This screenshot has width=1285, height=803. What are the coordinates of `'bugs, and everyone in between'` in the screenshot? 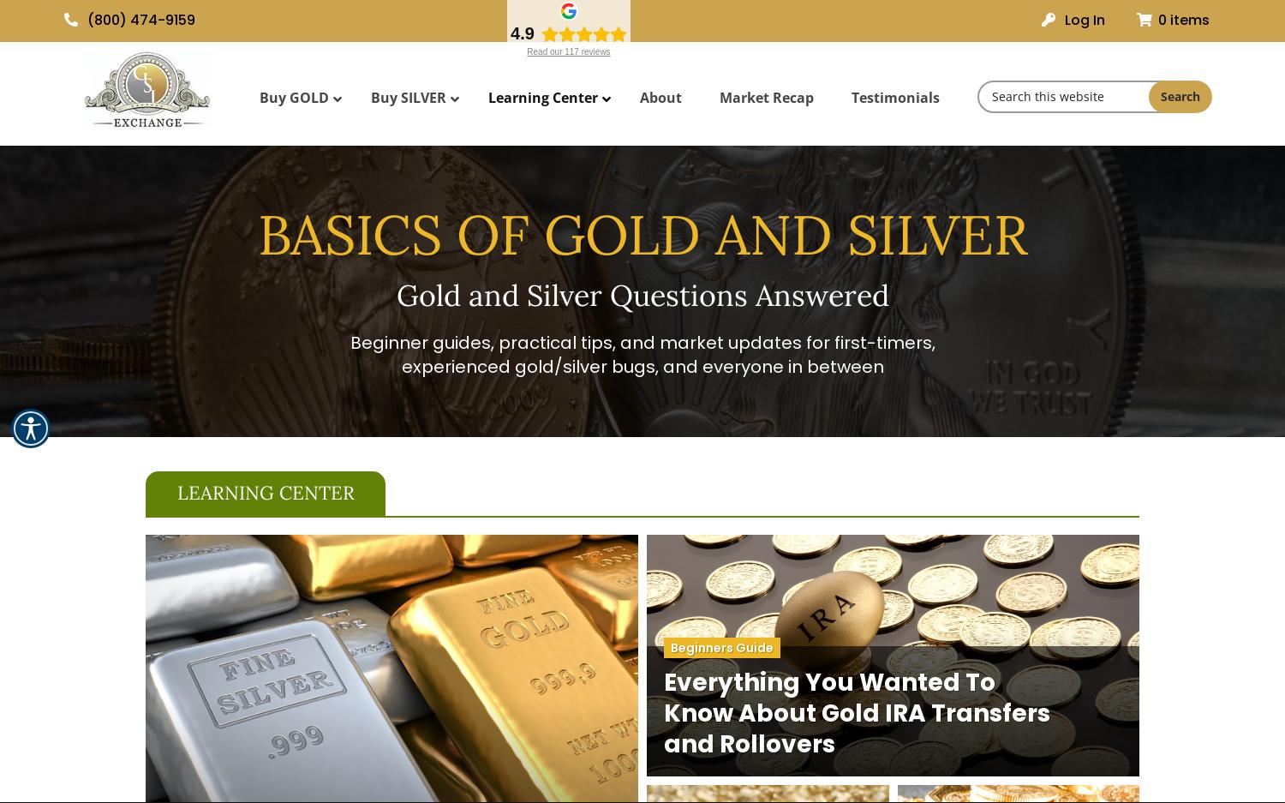 It's located at (744, 367).